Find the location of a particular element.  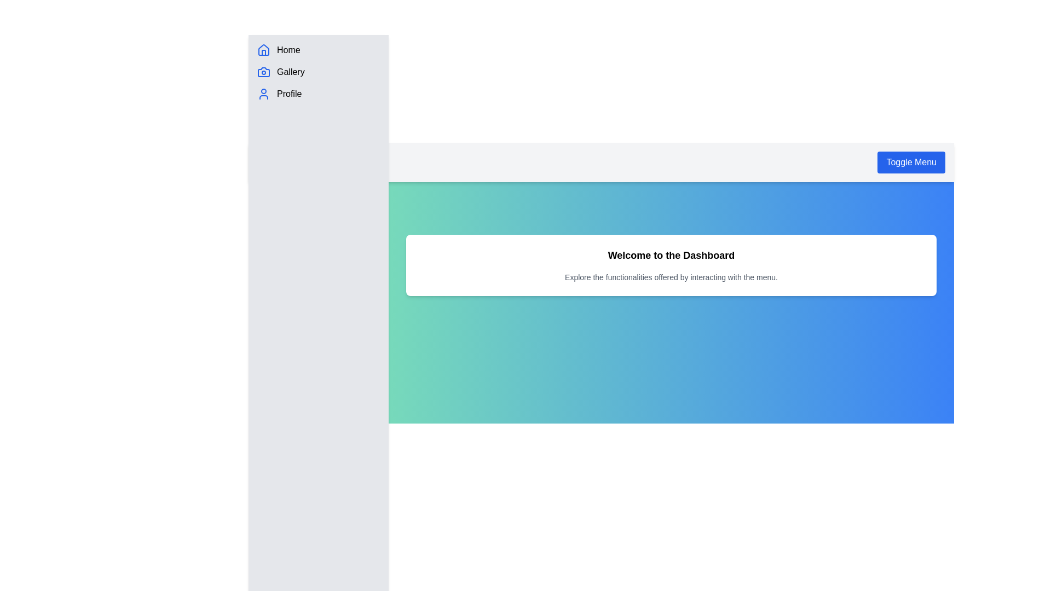

the 'Gallery' icon in the application's sidebar is located at coordinates (263, 72).